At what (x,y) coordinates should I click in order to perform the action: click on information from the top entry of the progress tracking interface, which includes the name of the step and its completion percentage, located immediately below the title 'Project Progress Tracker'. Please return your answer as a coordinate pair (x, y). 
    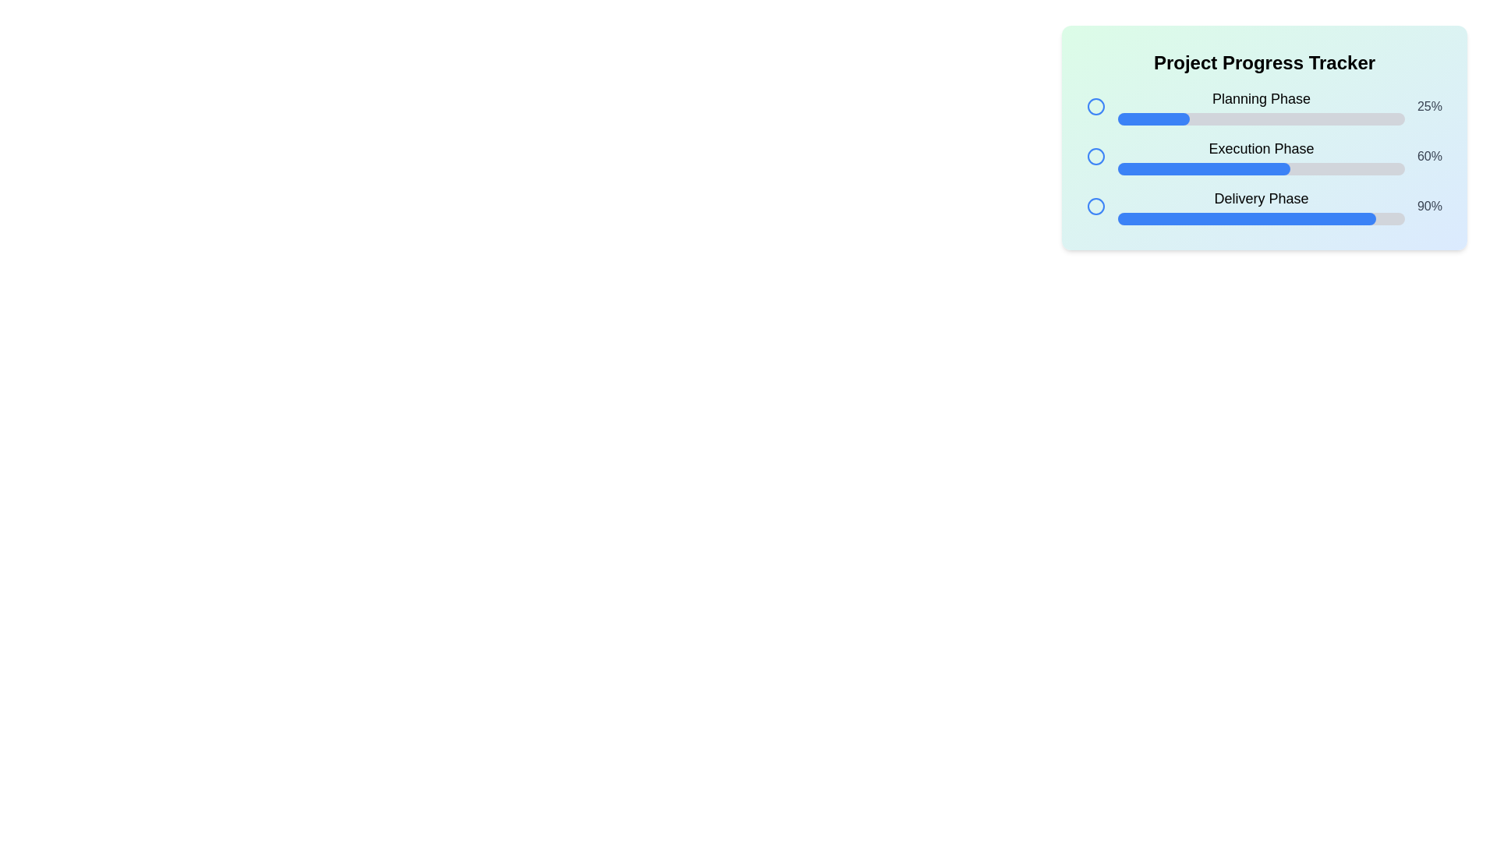
    Looking at the image, I should click on (1261, 106).